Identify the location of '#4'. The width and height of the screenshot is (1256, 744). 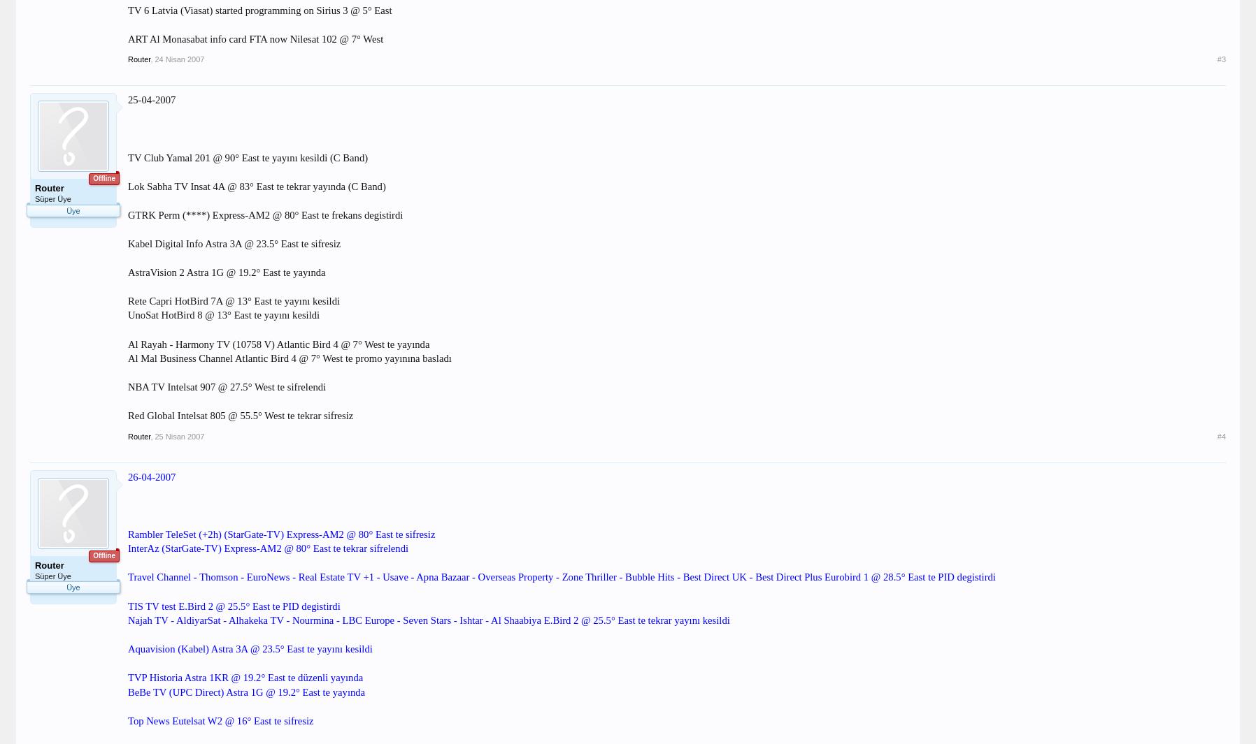
(1221, 435).